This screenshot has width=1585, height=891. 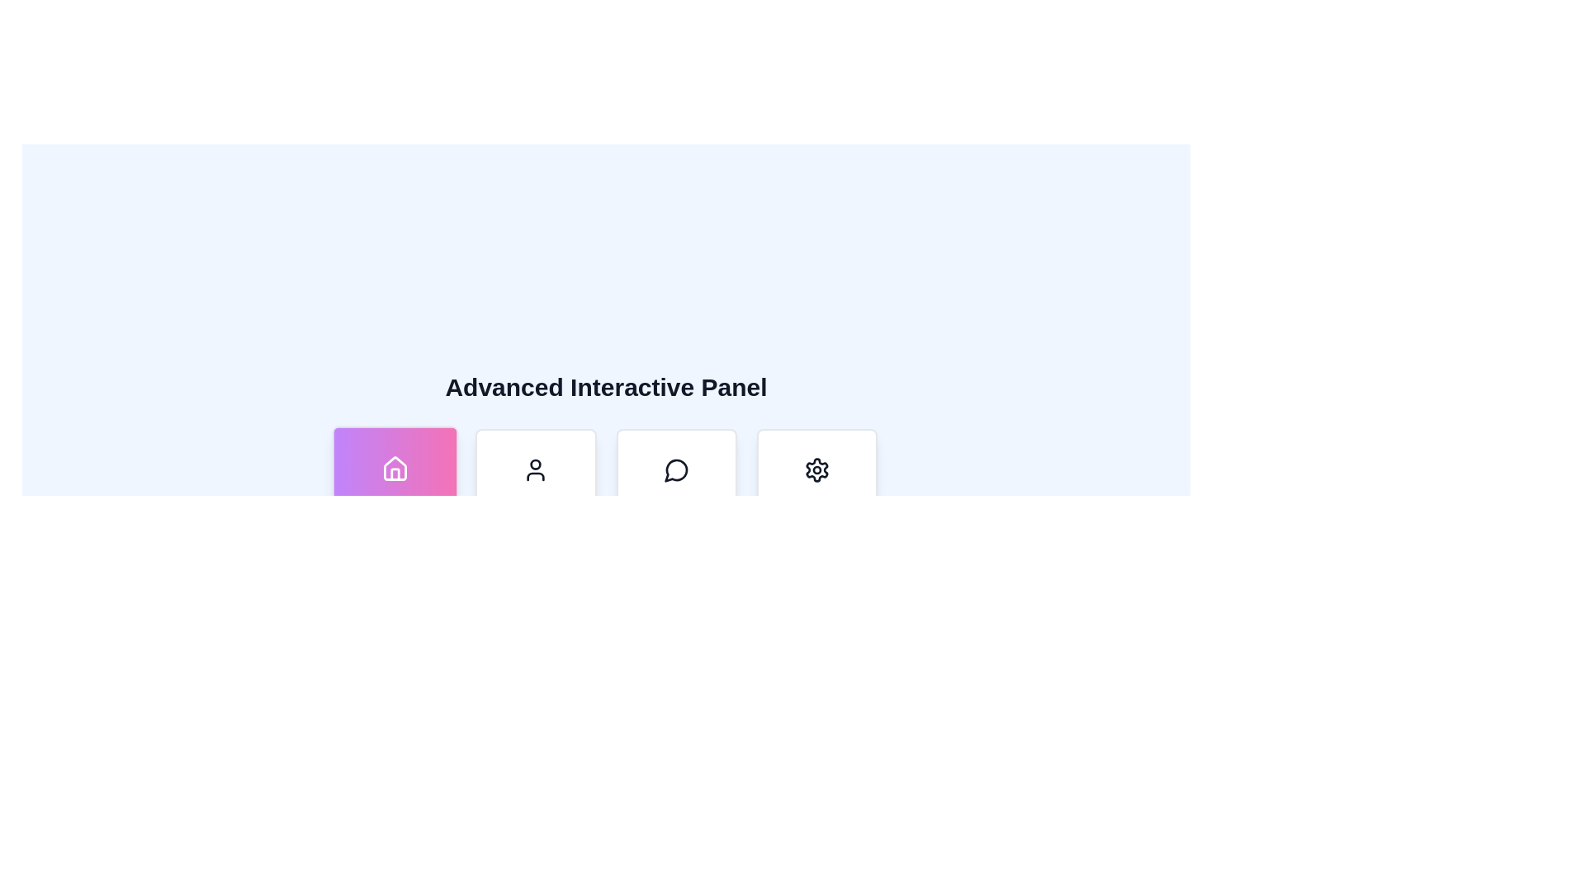 What do you see at coordinates (675, 470) in the screenshot?
I see `the third icon from the left in the bottom bar, which likely provides access` at bounding box center [675, 470].